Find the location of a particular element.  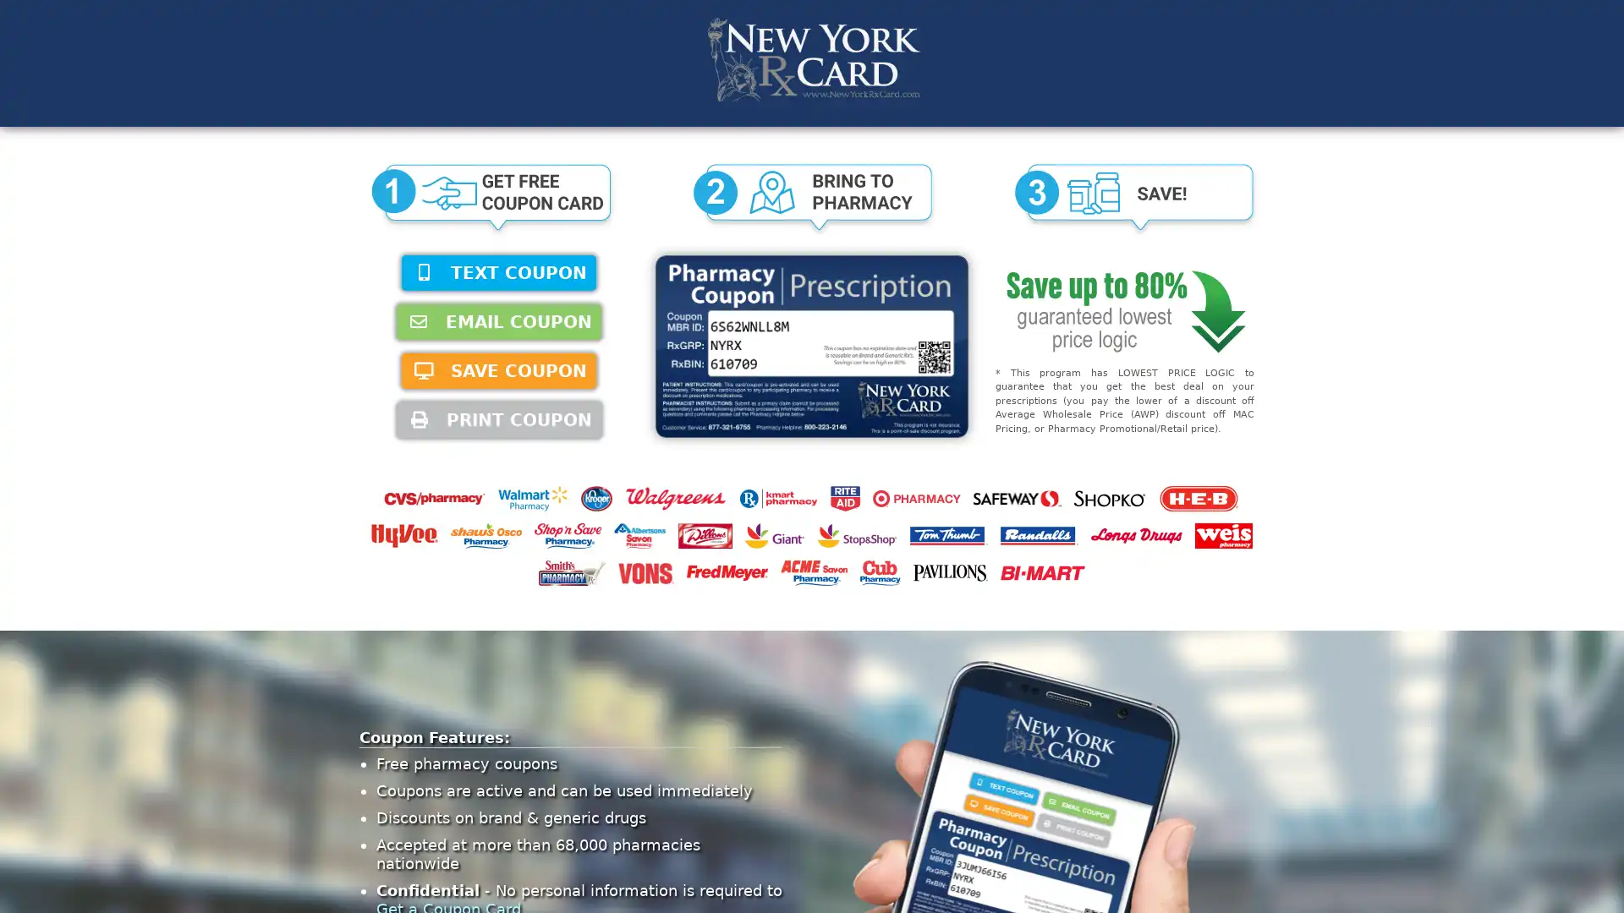

EMAIL COUPON is located at coordinates (498, 322).